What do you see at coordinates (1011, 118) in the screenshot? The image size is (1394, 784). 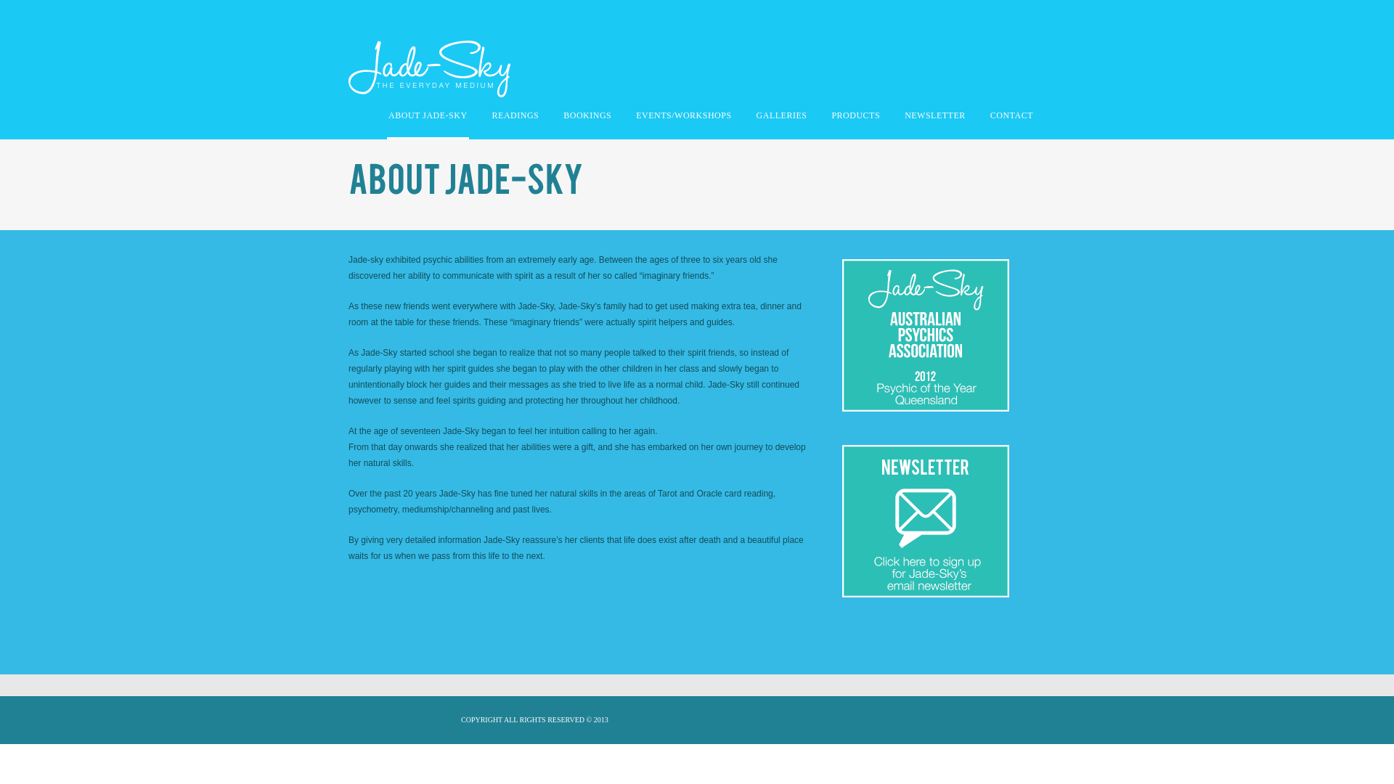 I see `'CONTACT'` at bounding box center [1011, 118].